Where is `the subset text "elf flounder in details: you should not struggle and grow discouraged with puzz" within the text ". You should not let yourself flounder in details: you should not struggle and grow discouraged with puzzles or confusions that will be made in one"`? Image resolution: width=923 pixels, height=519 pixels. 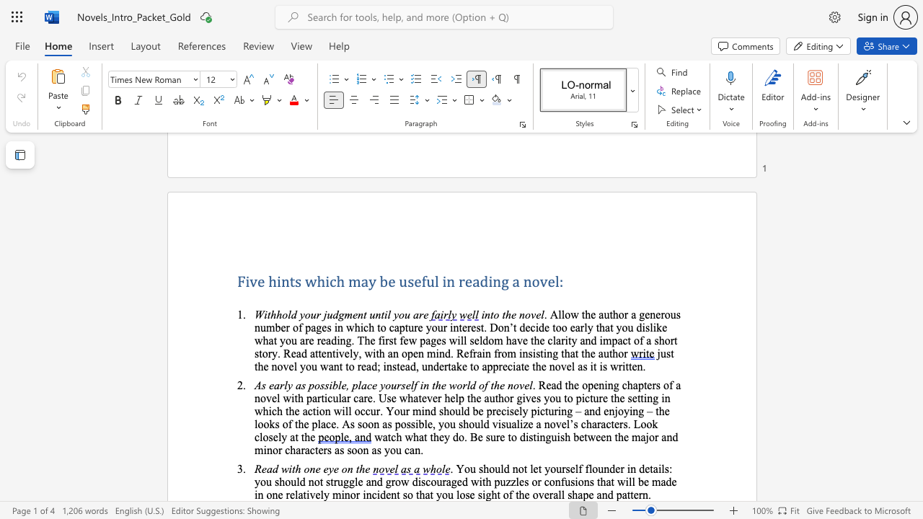
the subset text "elf flounder in details: you should not struggle and grow discouraged with puzz" within the text ". You should not let yourself flounder in details: you should not struggle and grow discouraged with puzzles or confusions that will be made in one" is located at coordinates (569, 469).